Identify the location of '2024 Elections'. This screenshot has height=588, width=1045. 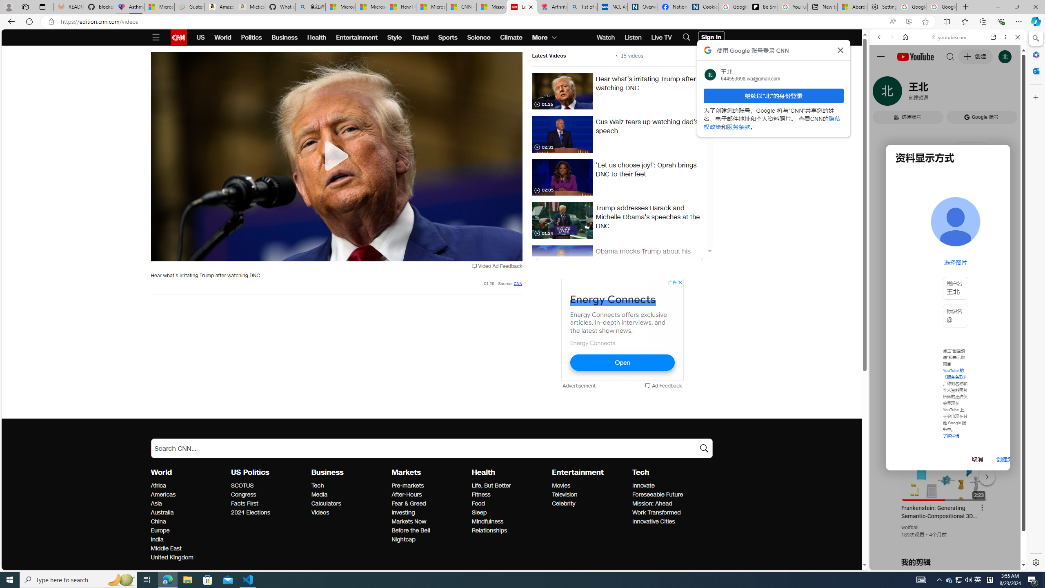
(268, 512).